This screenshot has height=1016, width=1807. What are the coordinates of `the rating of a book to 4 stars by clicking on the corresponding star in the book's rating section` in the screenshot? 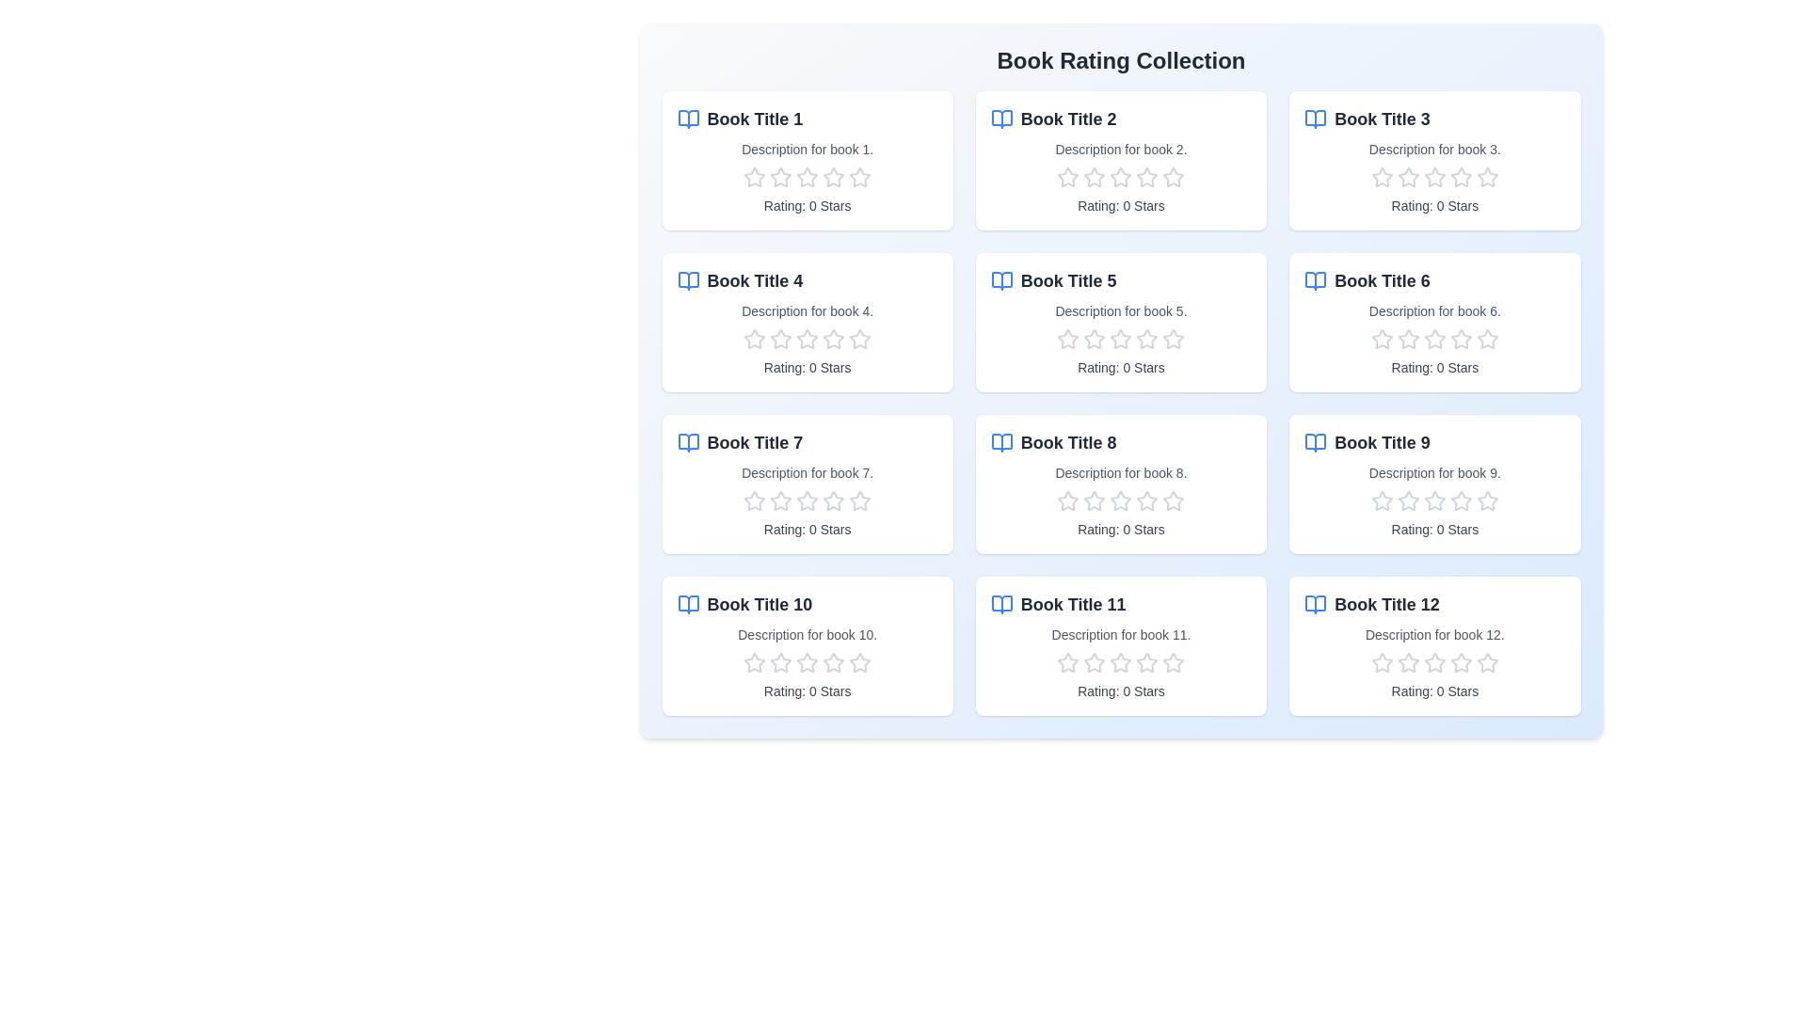 It's located at (833, 178).